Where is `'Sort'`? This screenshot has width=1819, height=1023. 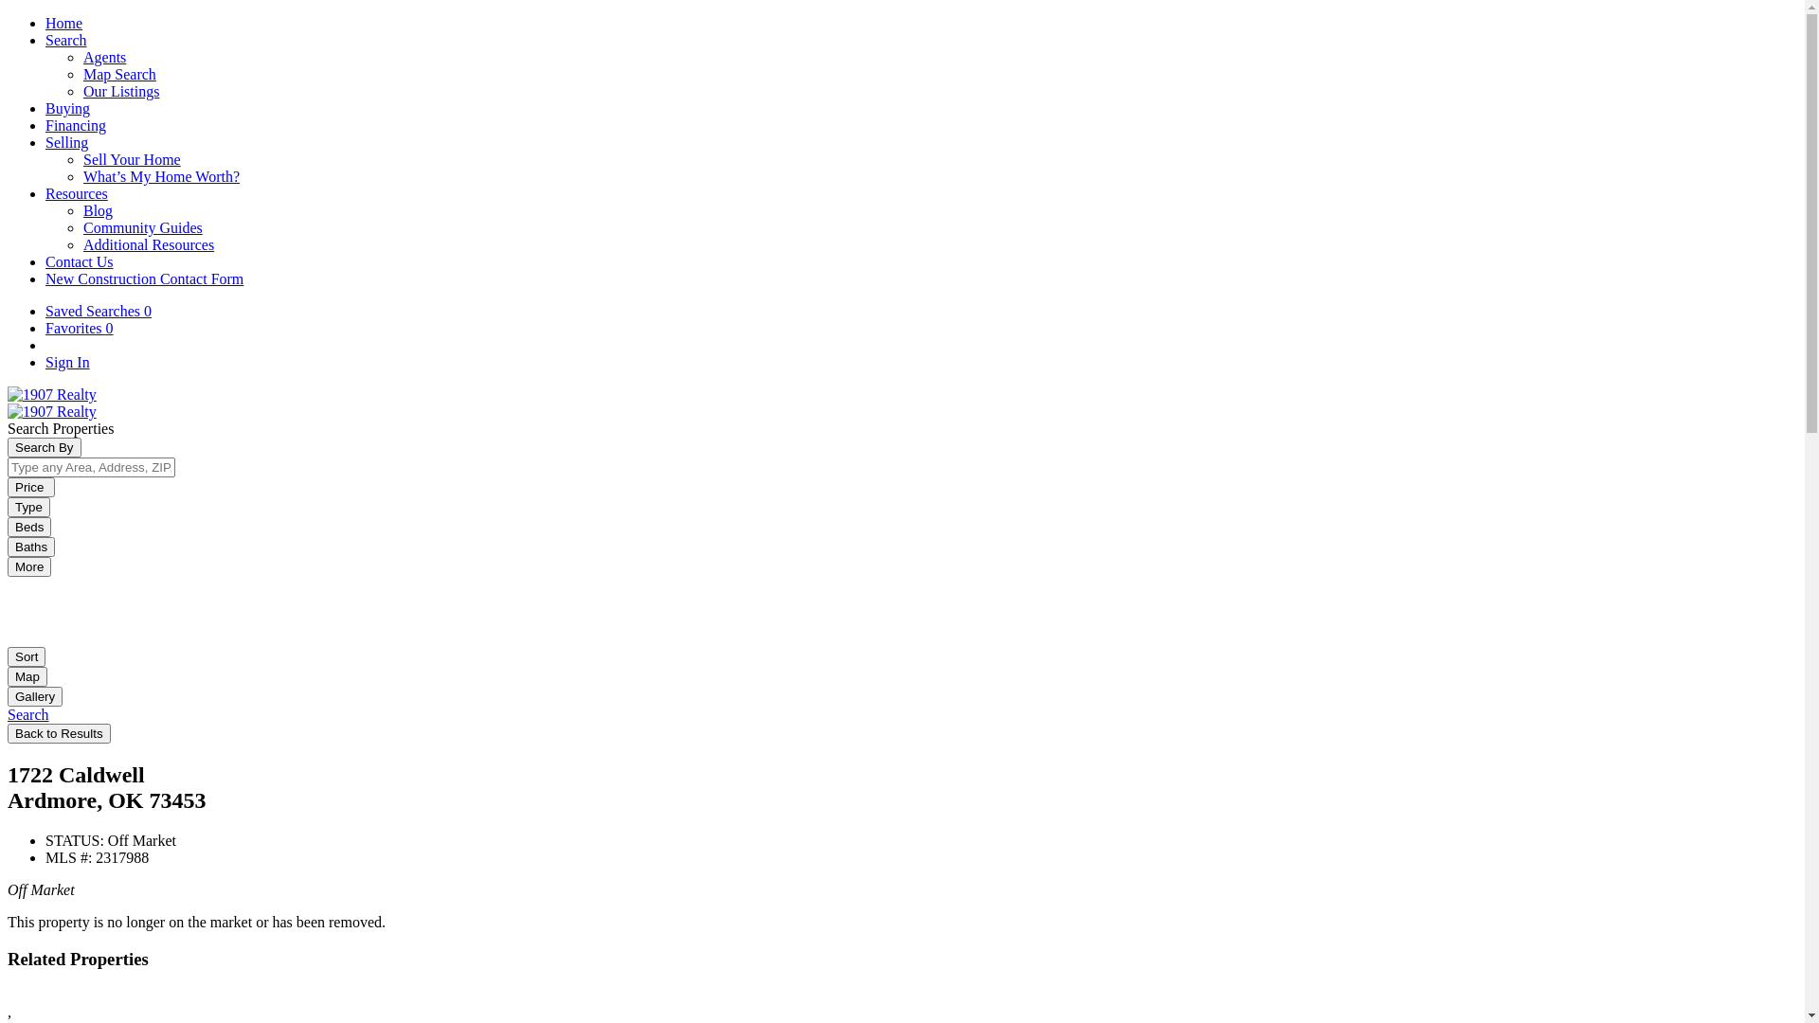 'Sort' is located at coordinates (27, 655).